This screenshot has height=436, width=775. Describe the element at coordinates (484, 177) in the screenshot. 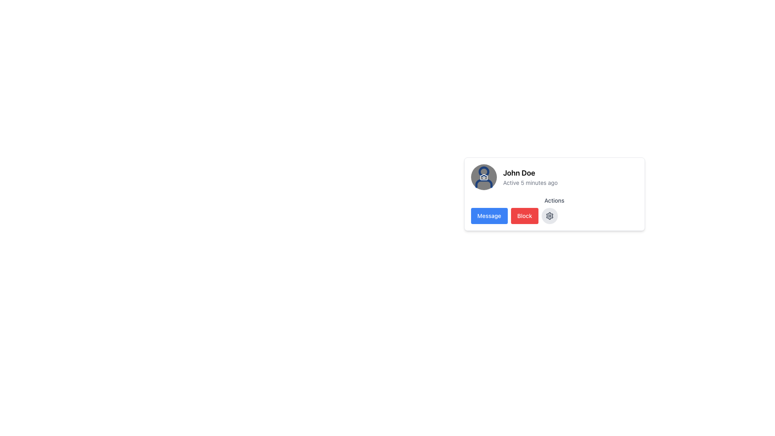

I see `the decorative camera icon element that is part of the user's profile picture display, positioned centrally within the profile picture area` at that location.